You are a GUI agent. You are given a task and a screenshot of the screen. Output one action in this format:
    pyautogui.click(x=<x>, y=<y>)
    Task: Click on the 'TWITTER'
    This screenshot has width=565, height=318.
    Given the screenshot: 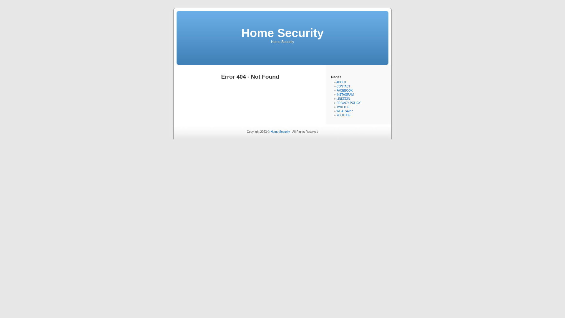 What is the action you would take?
    pyautogui.click(x=343, y=107)
    